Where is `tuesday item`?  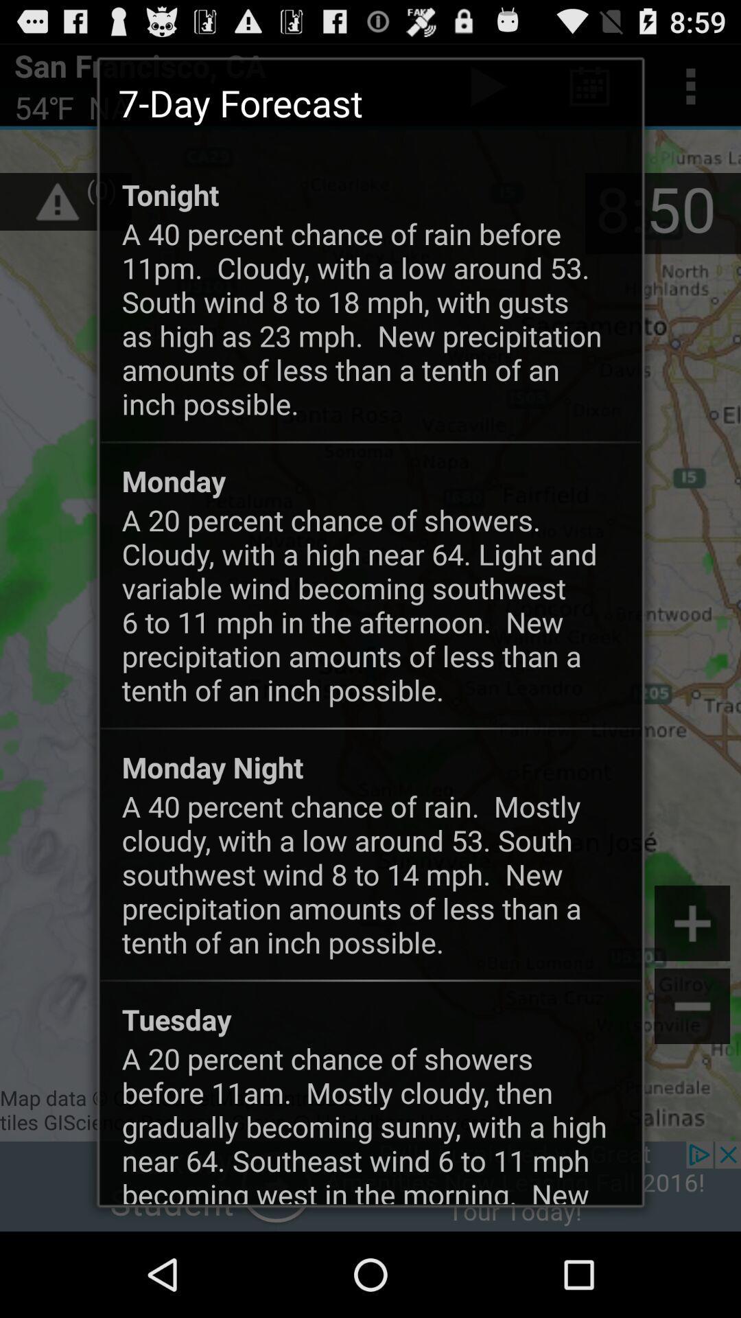
tuesday item is located at coordinates (176, 1019).